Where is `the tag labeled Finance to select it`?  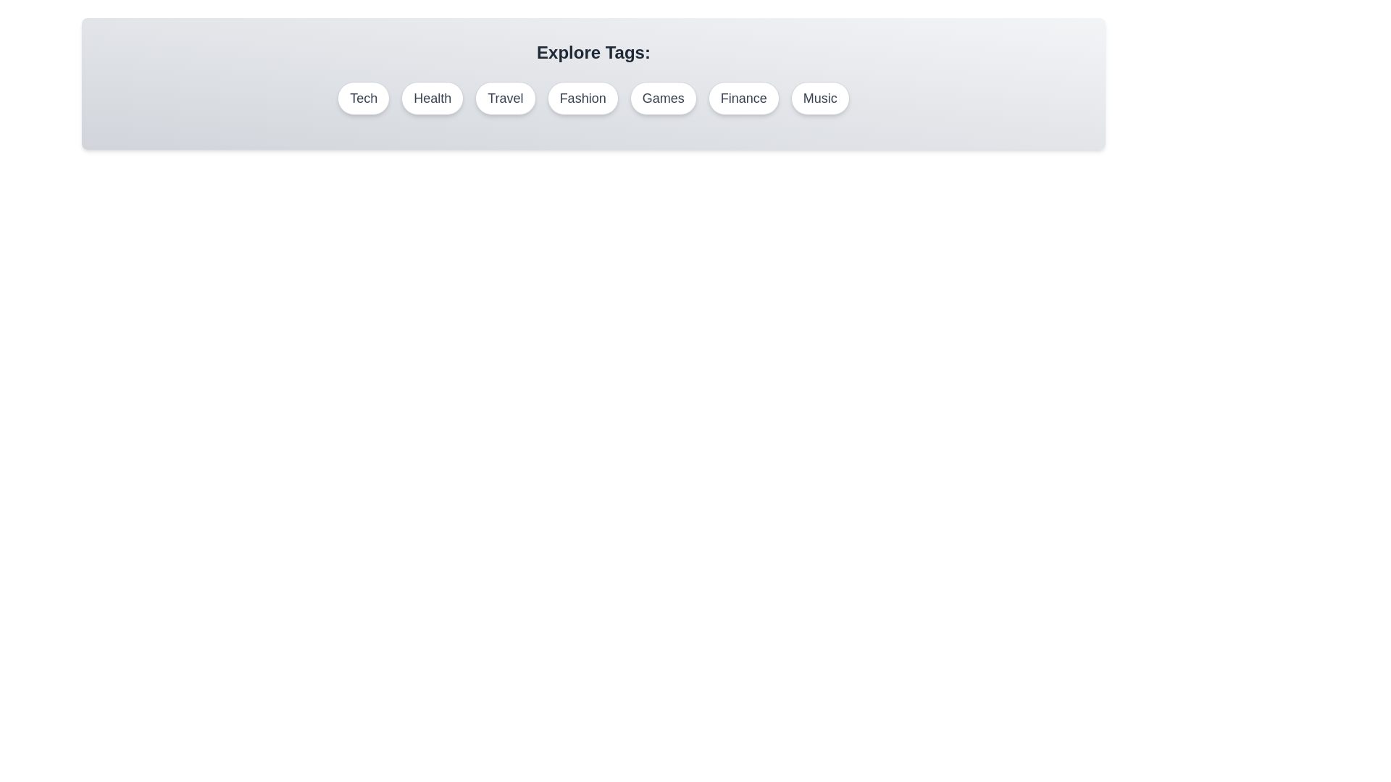
the tag labeled Finance to select it is located at coordinates (744, 98).